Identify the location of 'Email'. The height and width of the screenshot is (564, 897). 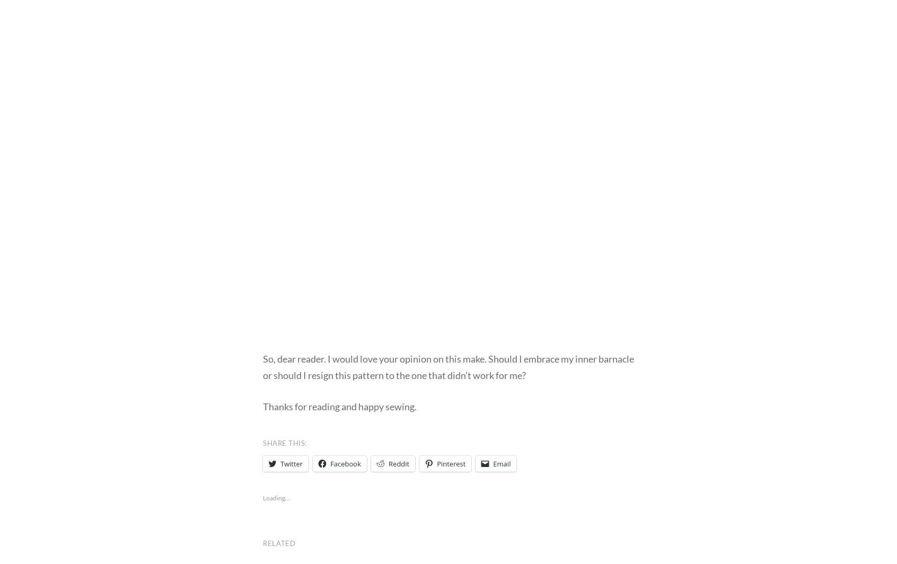
(502, 463).